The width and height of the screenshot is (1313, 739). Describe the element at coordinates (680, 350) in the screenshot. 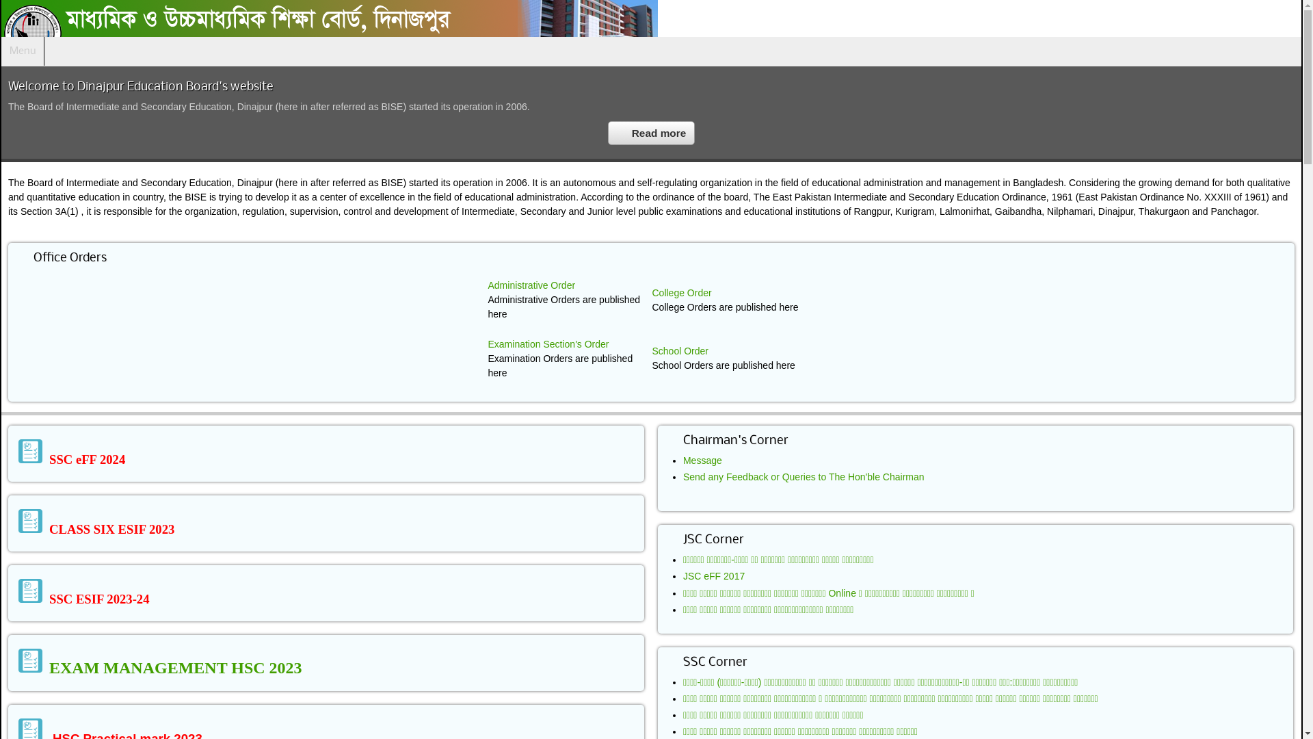

I see `'School Order'` at that location.